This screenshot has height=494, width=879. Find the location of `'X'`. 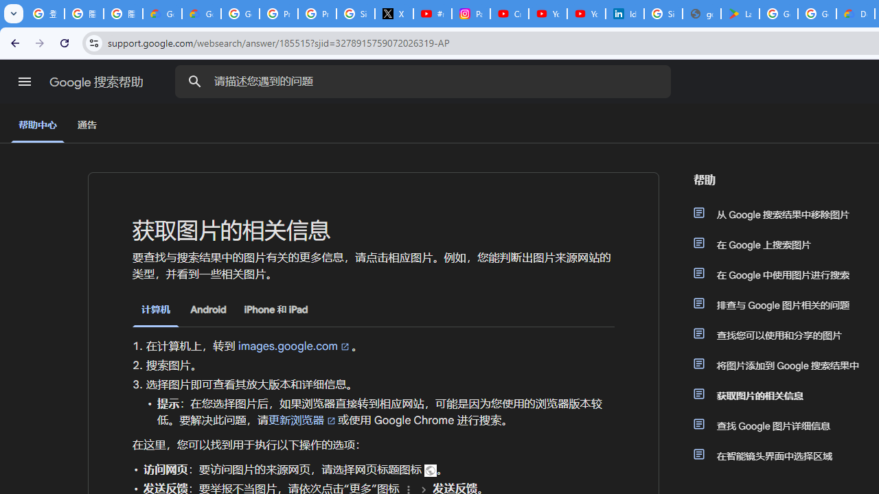

'X' is located at coordinates (393, 14).